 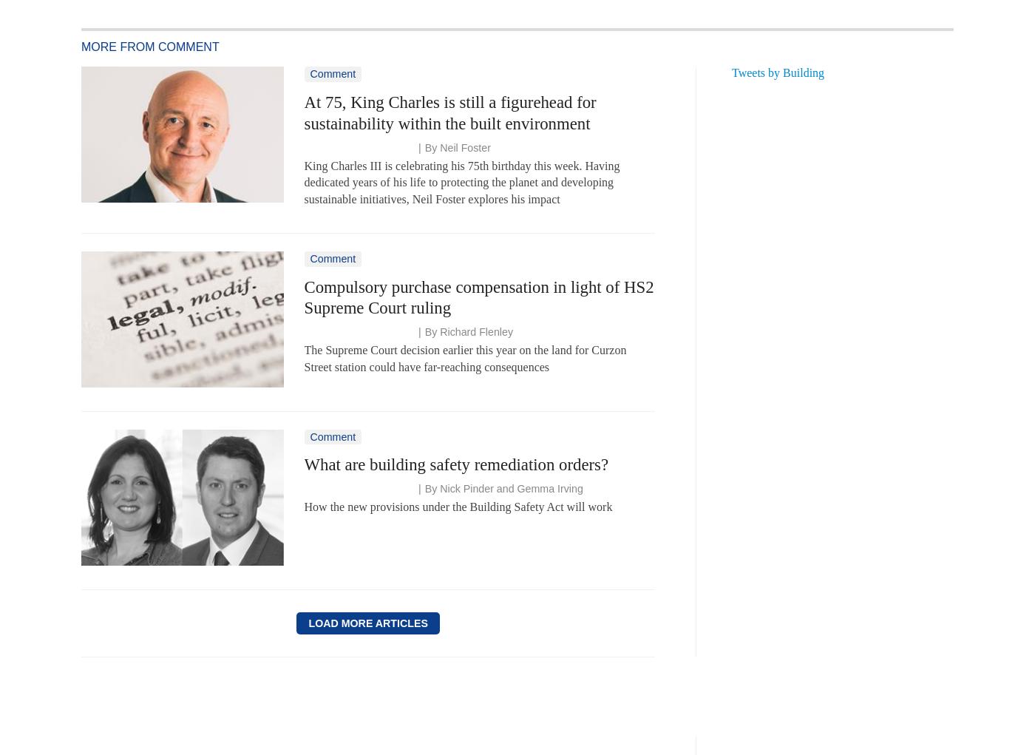 I want to click on 'Compulsory purchase compensation in light of HS2 Supreme Court ruling', so click(x=478, y=296).